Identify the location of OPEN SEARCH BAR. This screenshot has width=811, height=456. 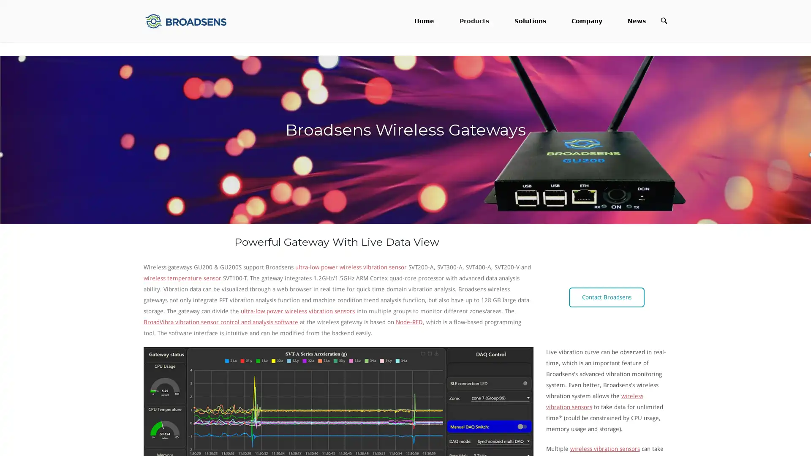
(663, 20).